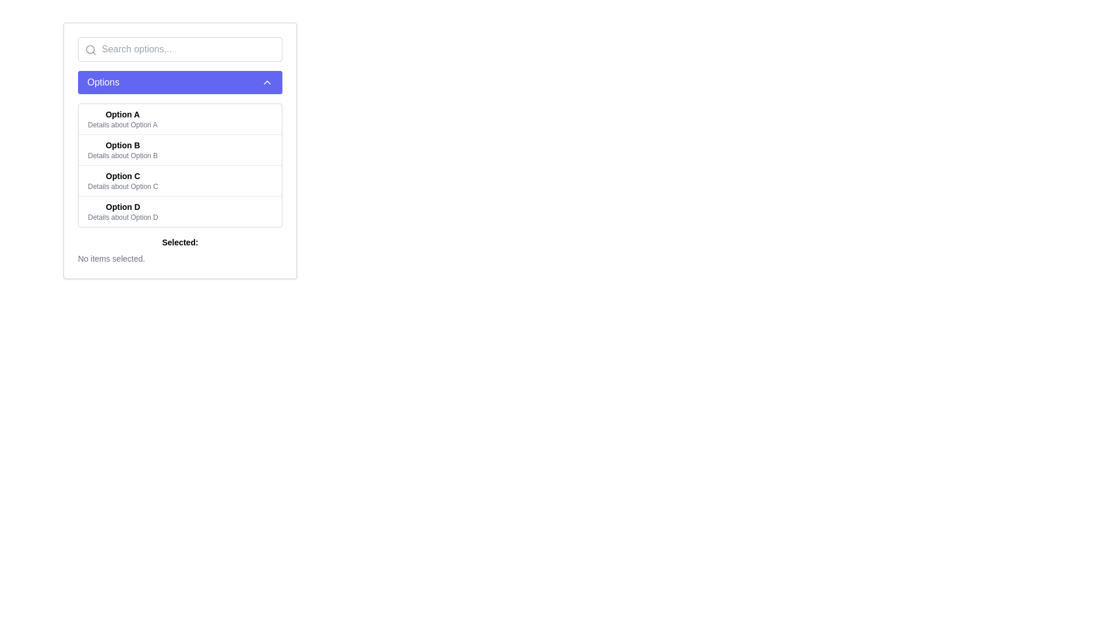 This screenshot has height=628, width=1118. I want to click on the bold text label 'Option A' which is positioned at the top of the first row in a list box, so click(122, 114).